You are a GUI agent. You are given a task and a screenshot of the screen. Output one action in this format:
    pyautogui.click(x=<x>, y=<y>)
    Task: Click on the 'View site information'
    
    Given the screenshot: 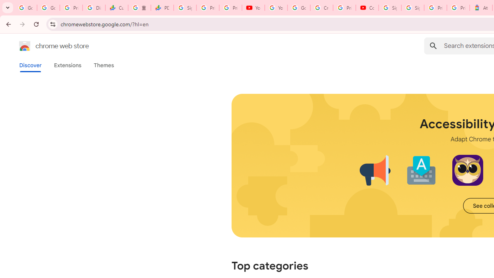 What is the action you would take?
    pyautogui.click(x=52, y=24)
    